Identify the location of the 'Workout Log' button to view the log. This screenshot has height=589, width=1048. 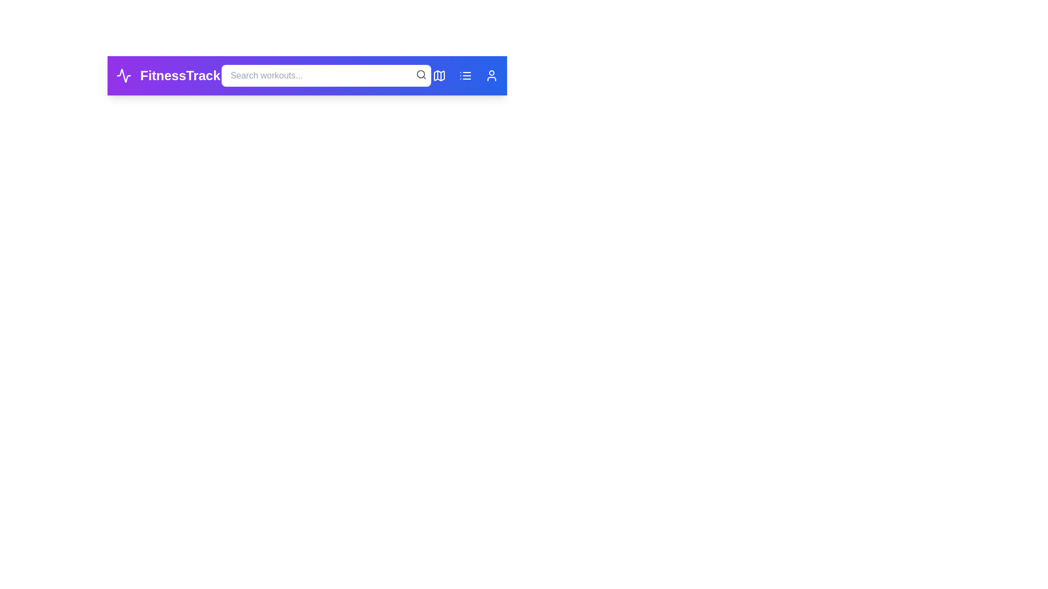
(466, 75).